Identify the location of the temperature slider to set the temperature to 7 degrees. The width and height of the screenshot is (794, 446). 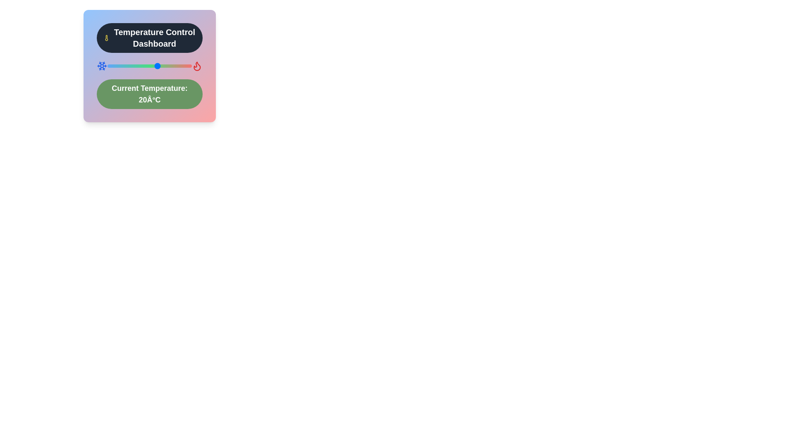
(136, 65).